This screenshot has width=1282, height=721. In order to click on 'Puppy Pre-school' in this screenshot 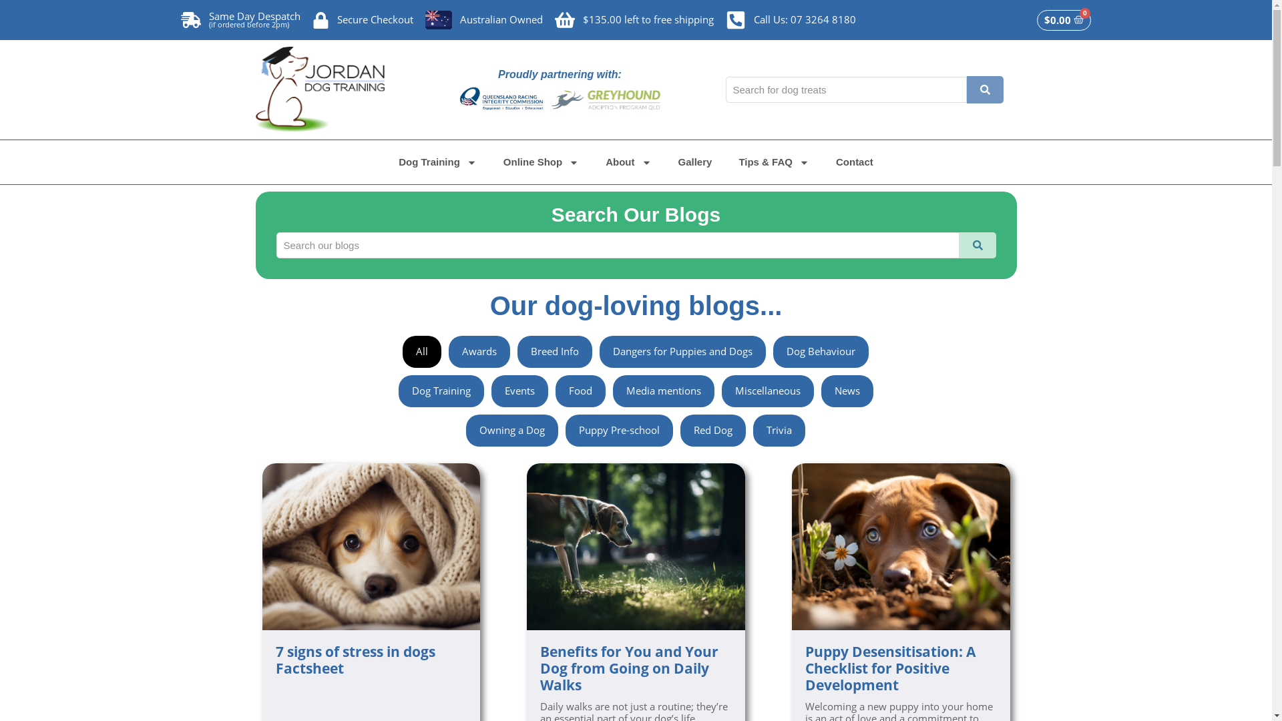, I will do `click(618, 430)`.